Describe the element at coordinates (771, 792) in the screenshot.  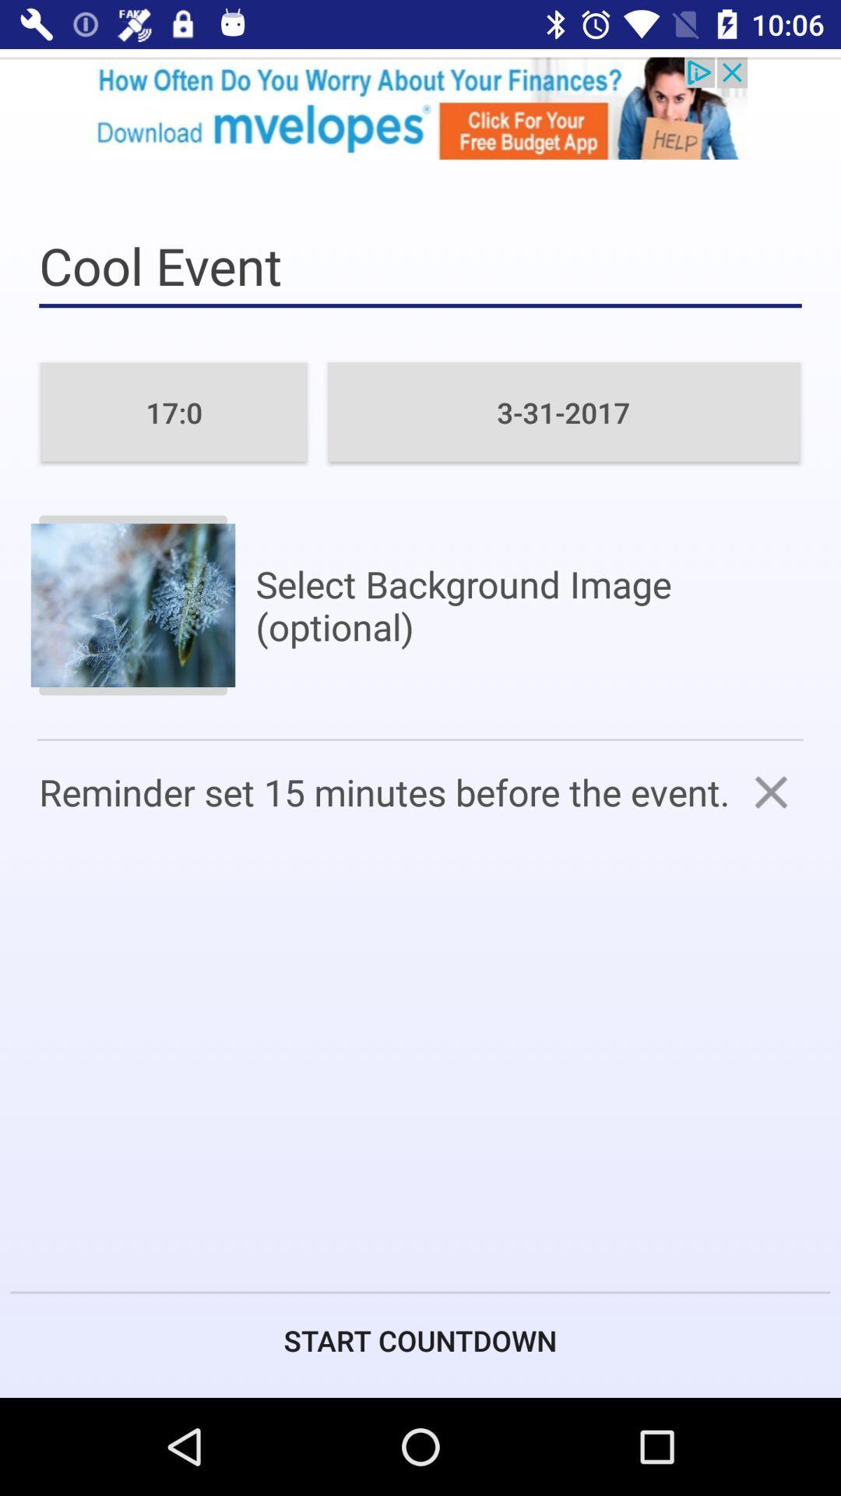
I see `this option` at that location.